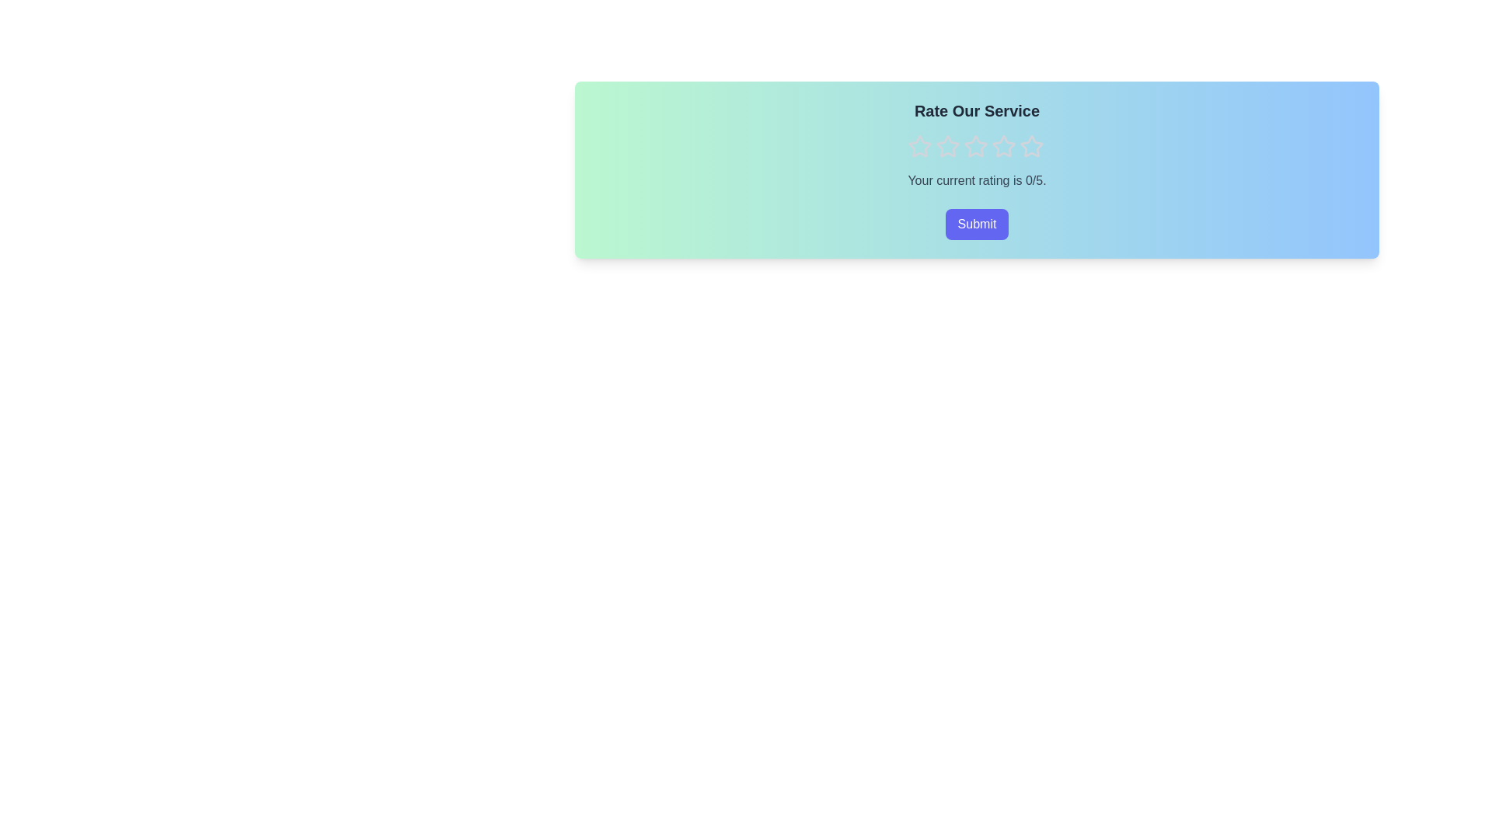  What do you see at coordinates (976, 225) in the screenshot?
I see `'Submit' button to confirm the rating` at bounding box center [976, 225].